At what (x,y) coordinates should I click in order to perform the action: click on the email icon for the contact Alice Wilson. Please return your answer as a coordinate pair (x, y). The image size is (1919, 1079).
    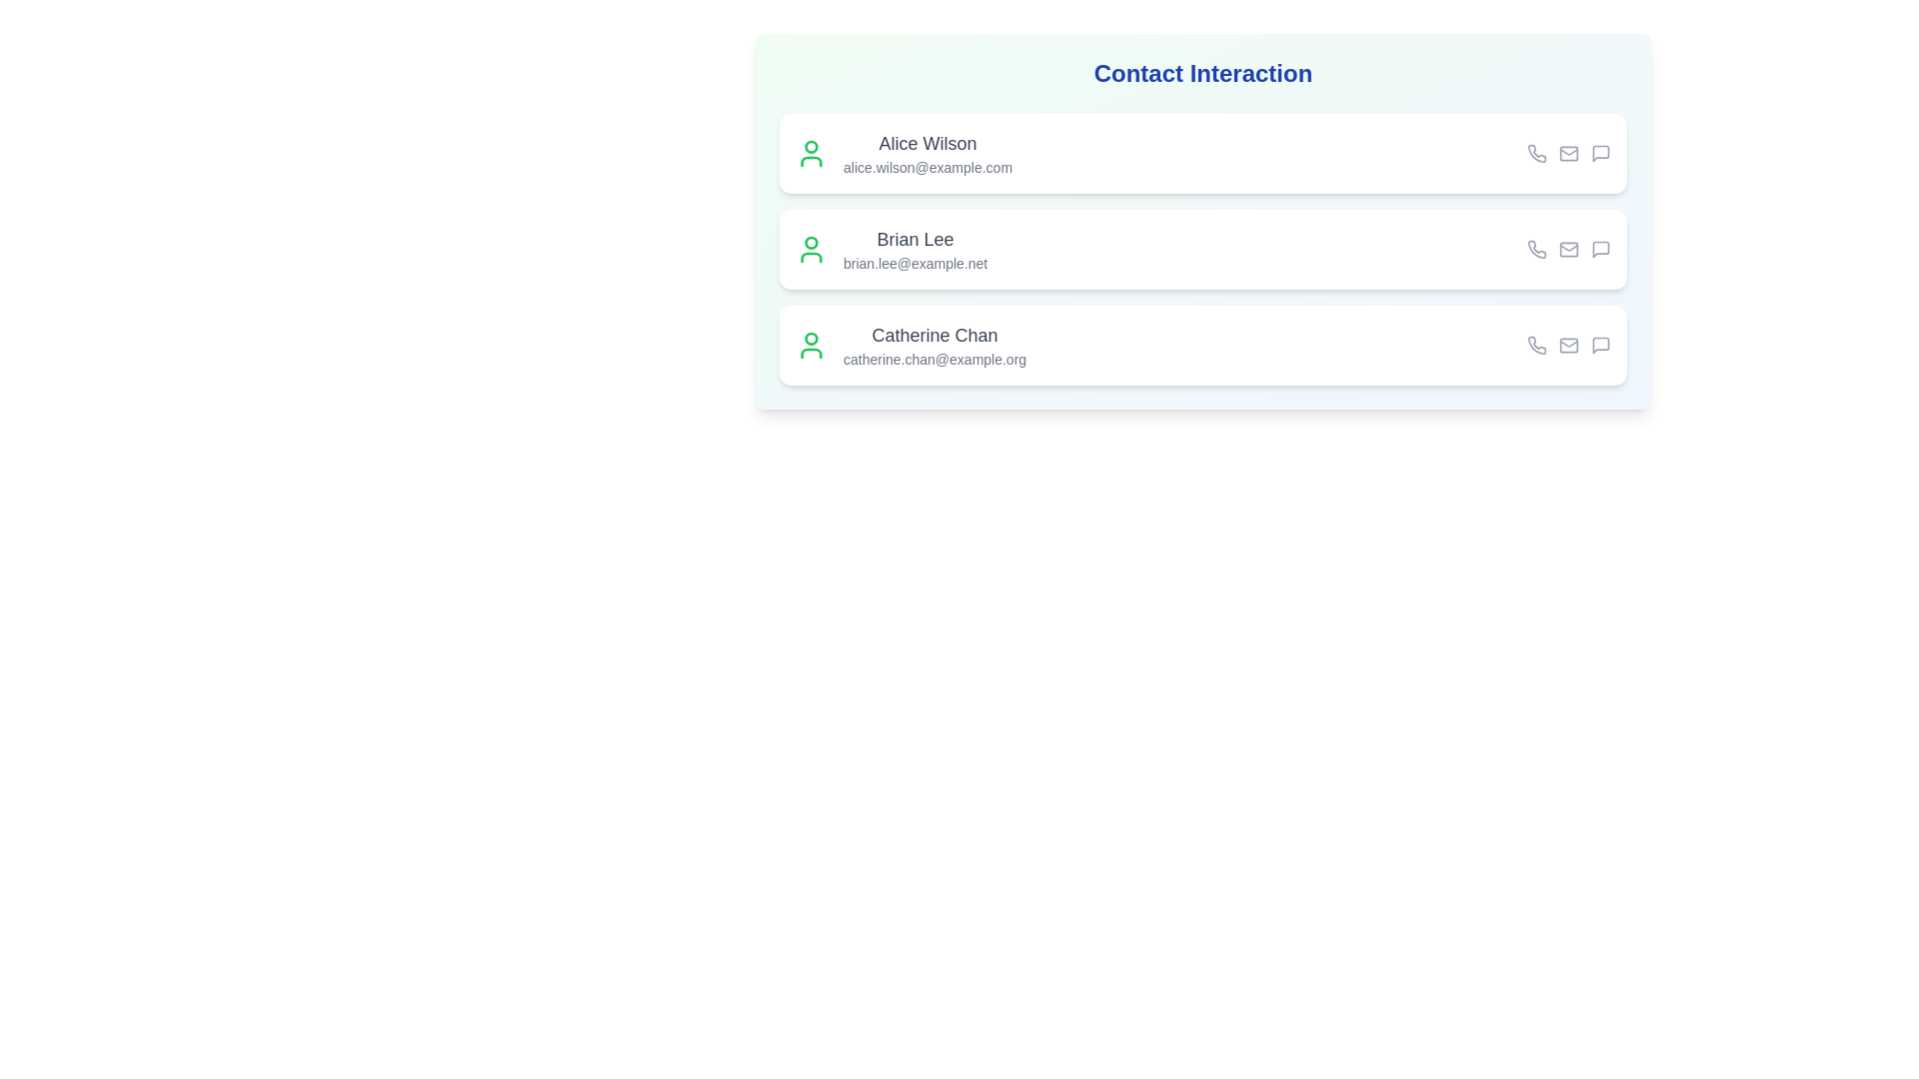
    Looking at the image, I should click on (1567, 153).